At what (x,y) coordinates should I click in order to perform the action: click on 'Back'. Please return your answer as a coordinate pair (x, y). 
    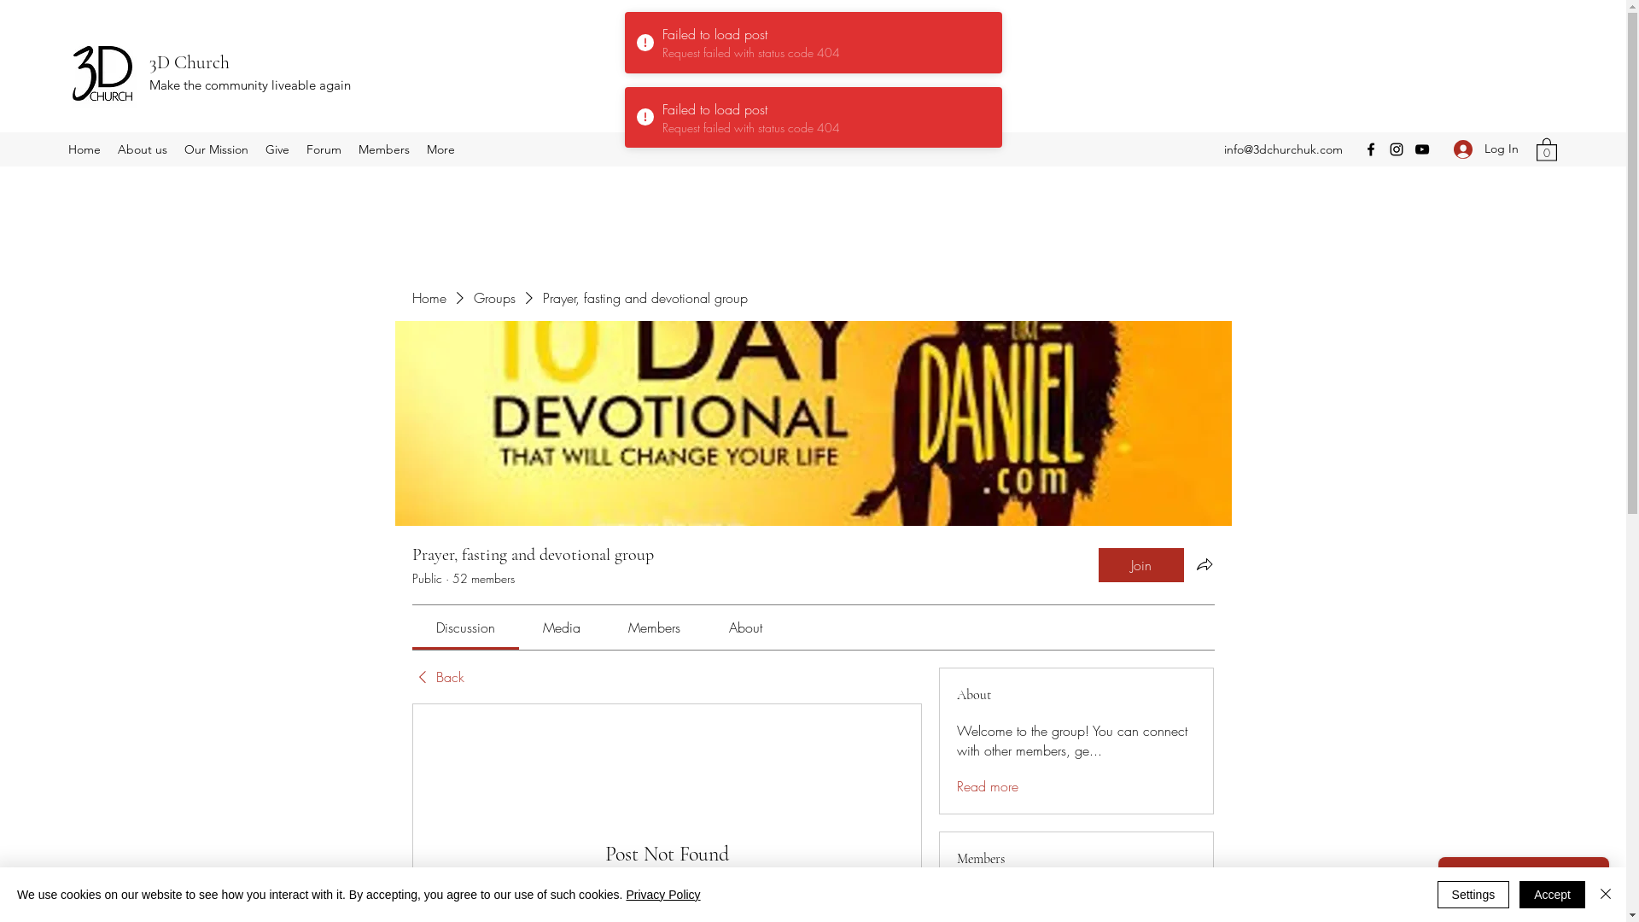
    Looking at the image, I should click on (437, 676).